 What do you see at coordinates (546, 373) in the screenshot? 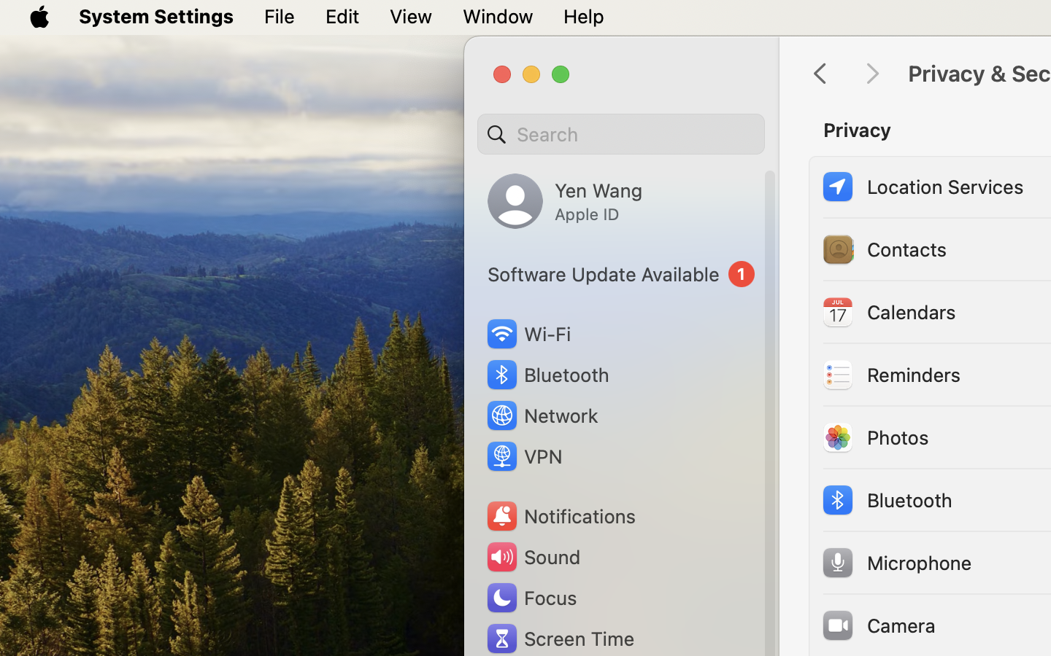
I see `'Bluetooth'` at bounding box center [546, 373].